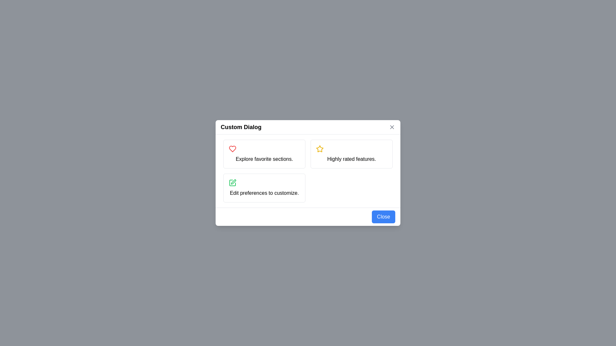 The width and height of the screenshot is (616, 346). What do you see at coordinates (232, 183) in the screenshot?
I see `the green drawing tool icon located in the bottom-left area of the dialog, next to the text 'Edit preferences to customize.'` at bounding box center [232, 183].